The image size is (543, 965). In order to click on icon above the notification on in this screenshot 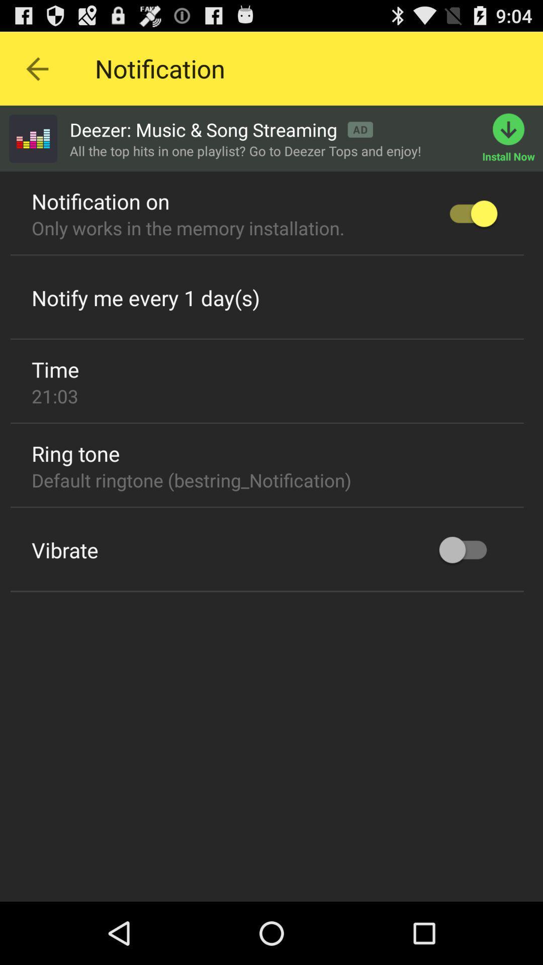, I will do `click(32, 138)`.